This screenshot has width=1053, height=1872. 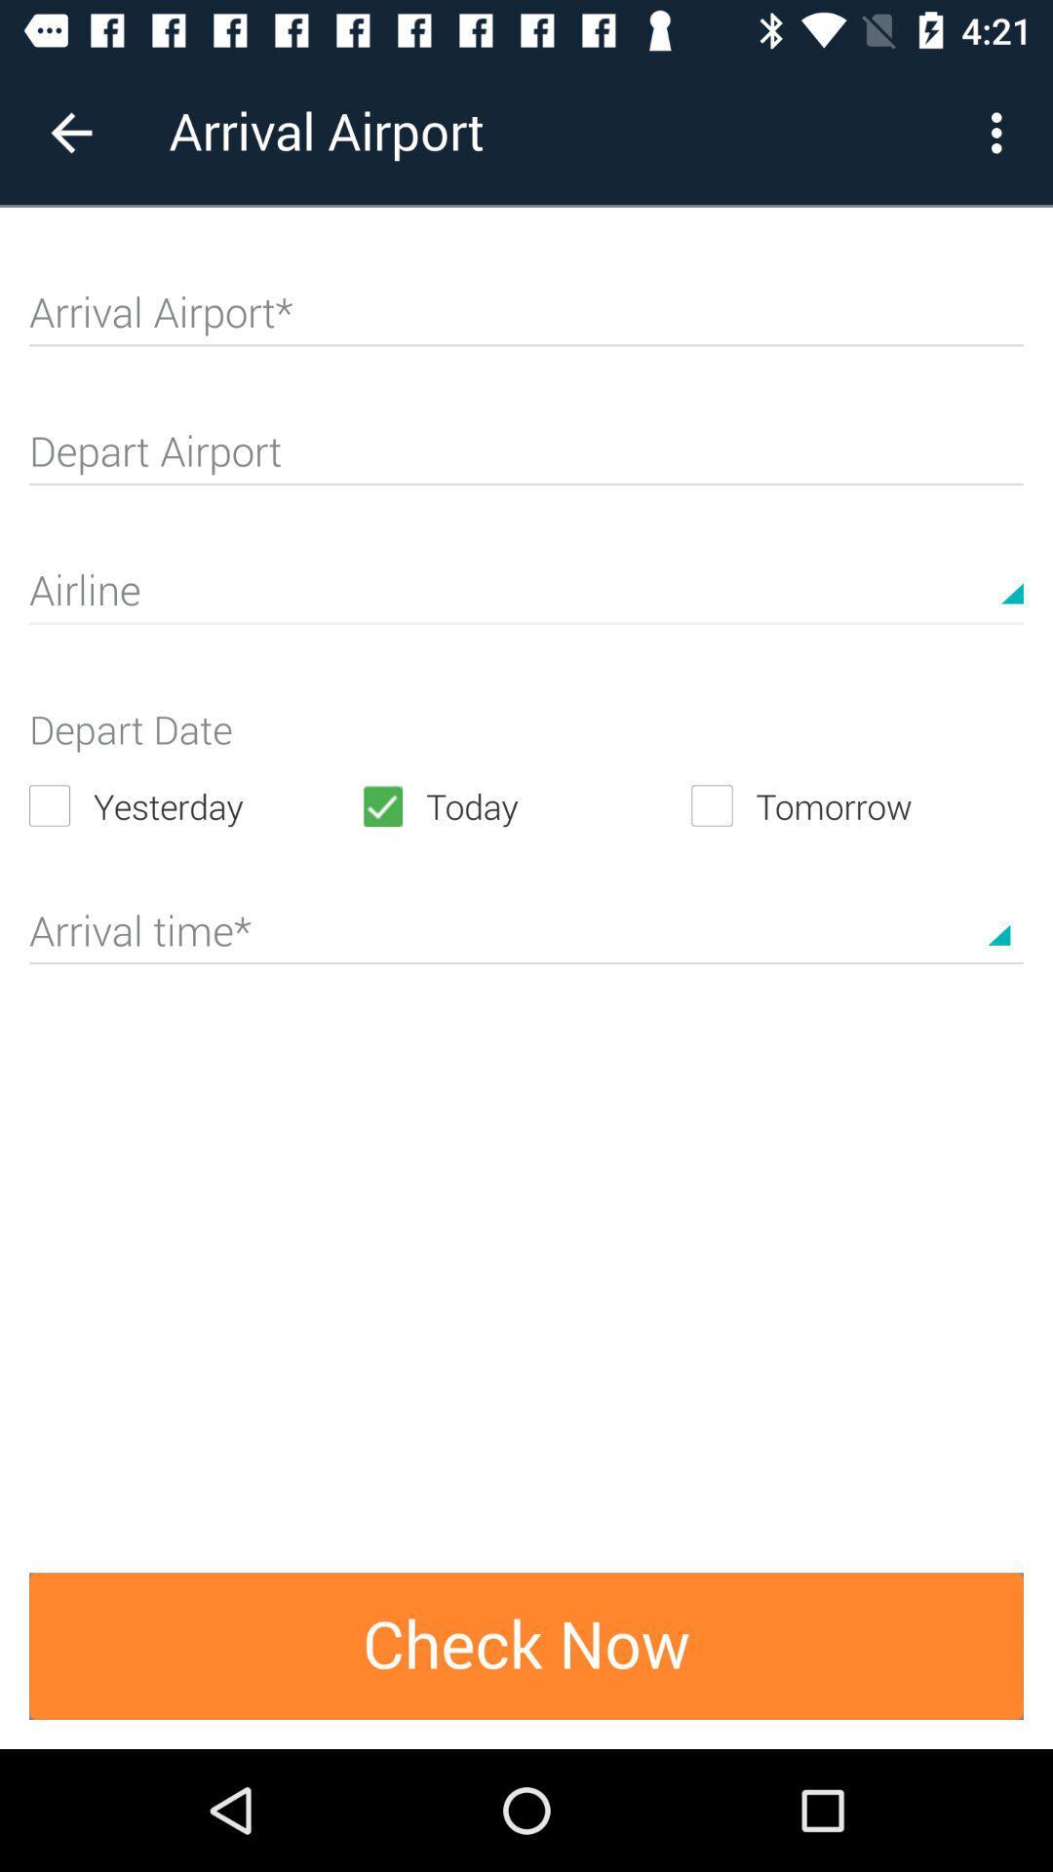 I want to click on the yesterday icon, so click(x=194, y=805).